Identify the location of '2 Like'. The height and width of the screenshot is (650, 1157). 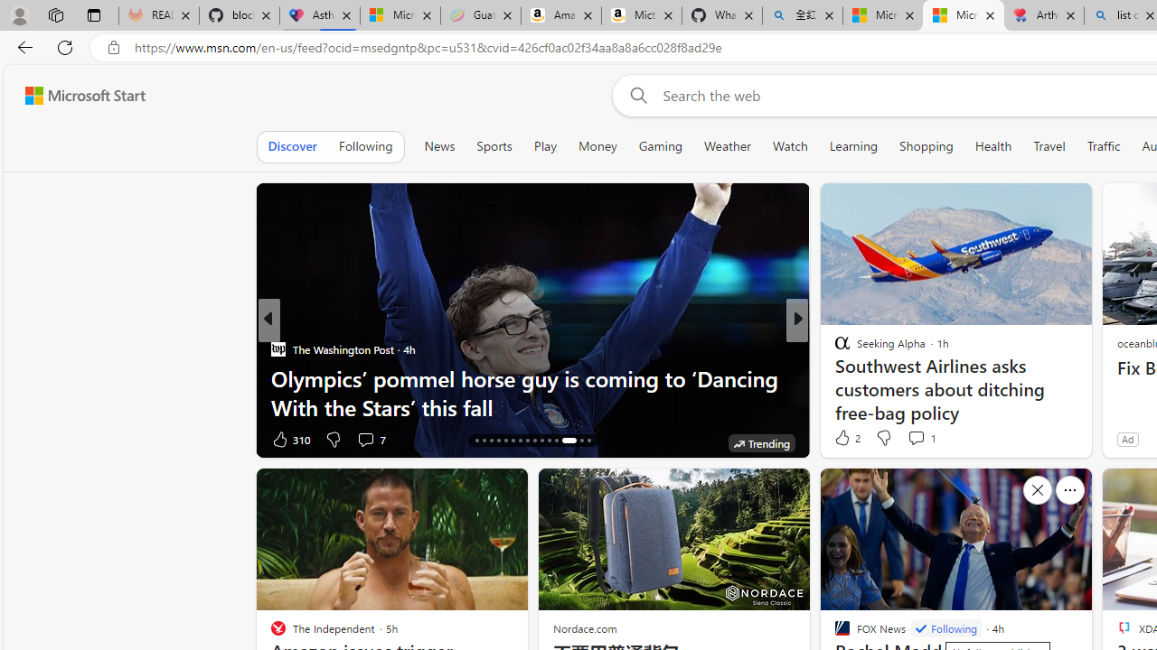
(845, 437).